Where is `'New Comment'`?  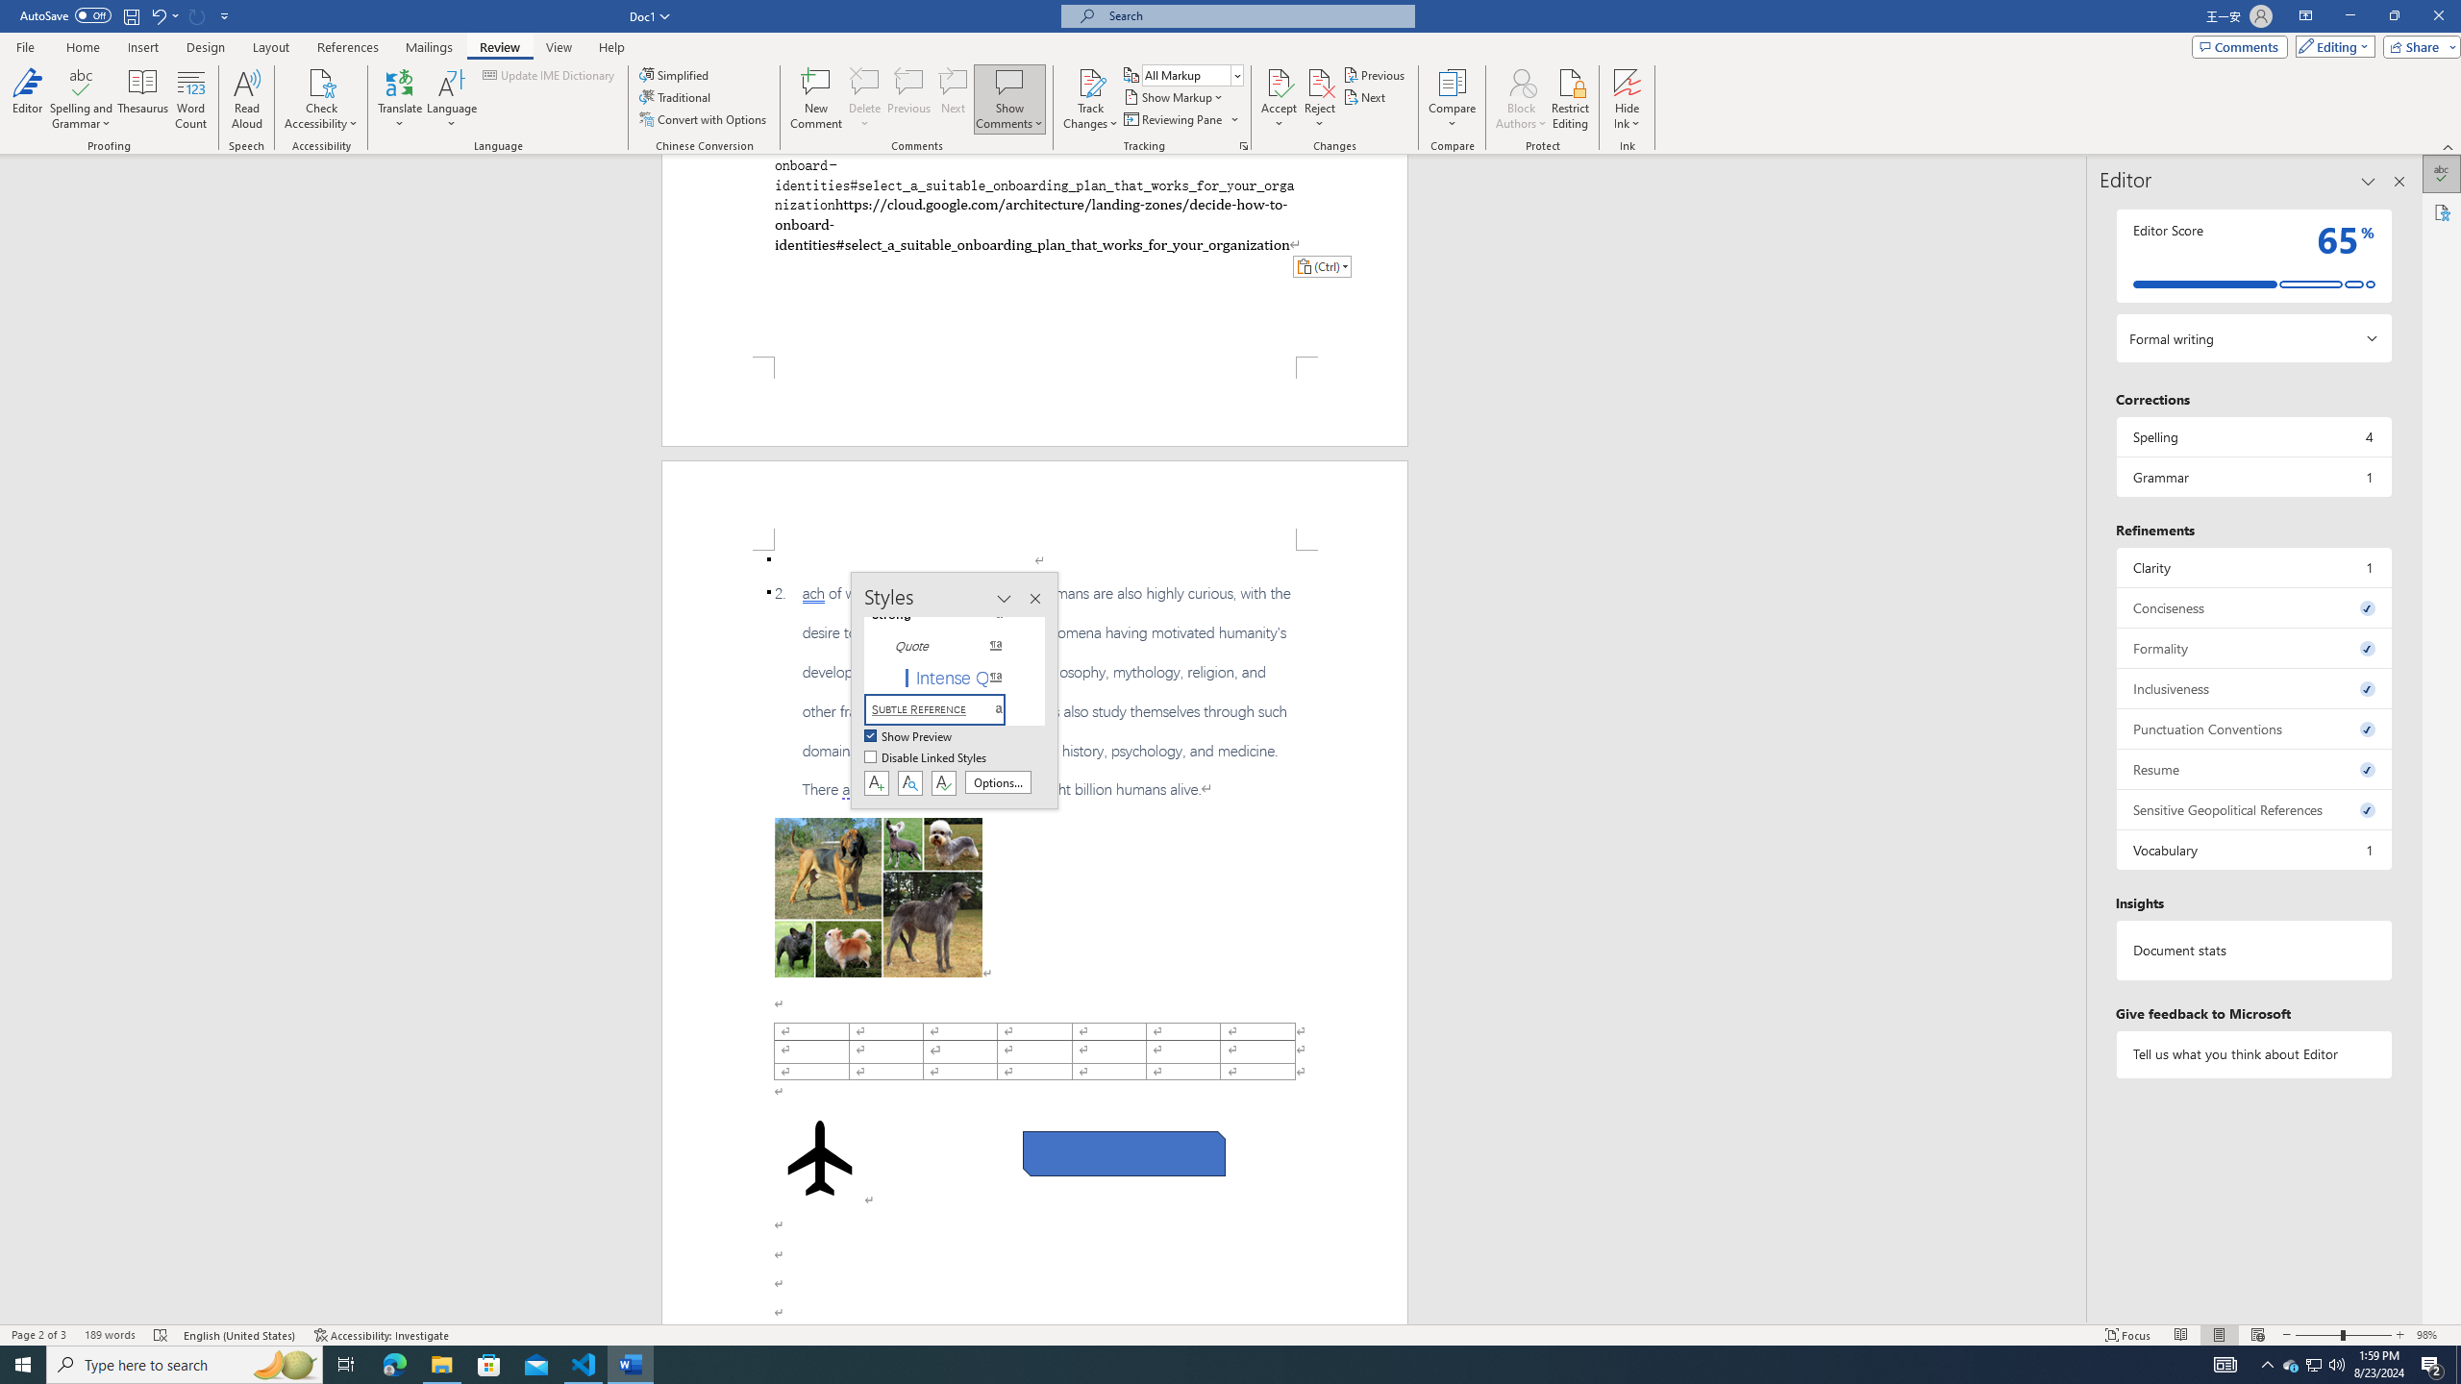
'New Comment' is located at coordinates (814, 99).